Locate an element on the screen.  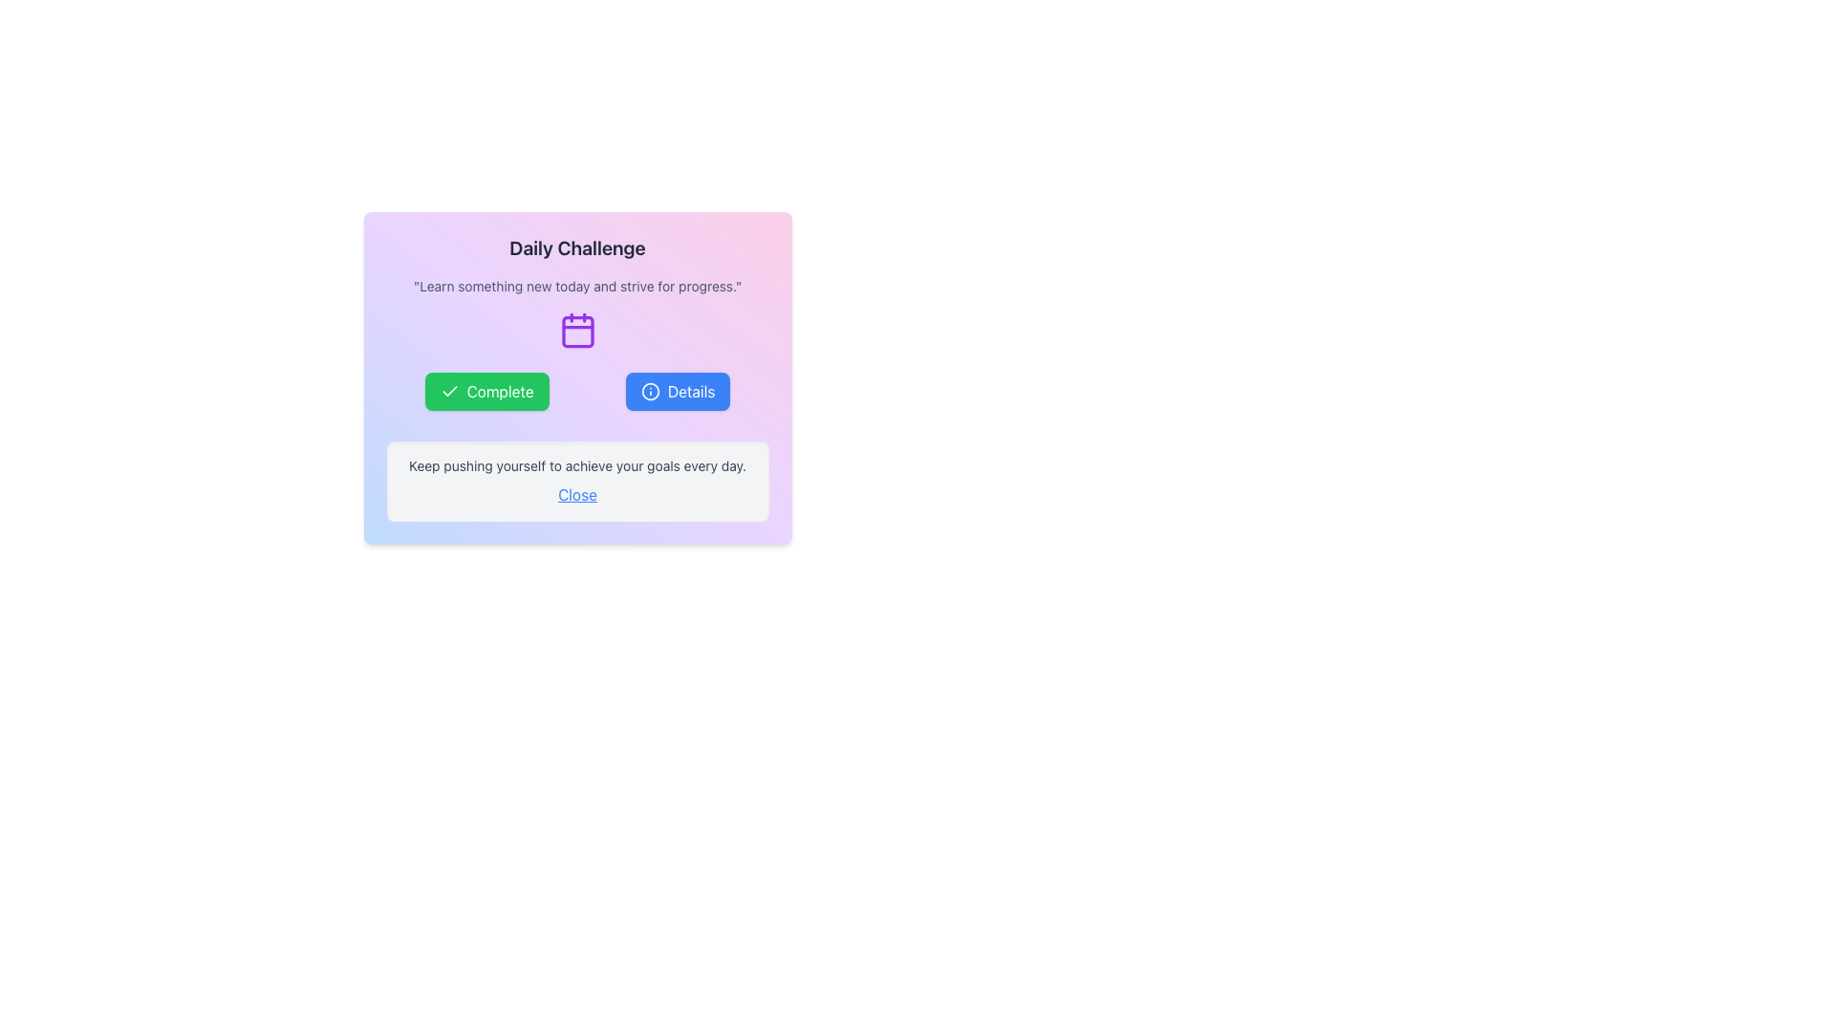
the text label displaying the motivational phrase 'Keep pushing yourself to achieve your goals every day.' which is located above the clickable 'Close' link is located at coordinates (576, 466).